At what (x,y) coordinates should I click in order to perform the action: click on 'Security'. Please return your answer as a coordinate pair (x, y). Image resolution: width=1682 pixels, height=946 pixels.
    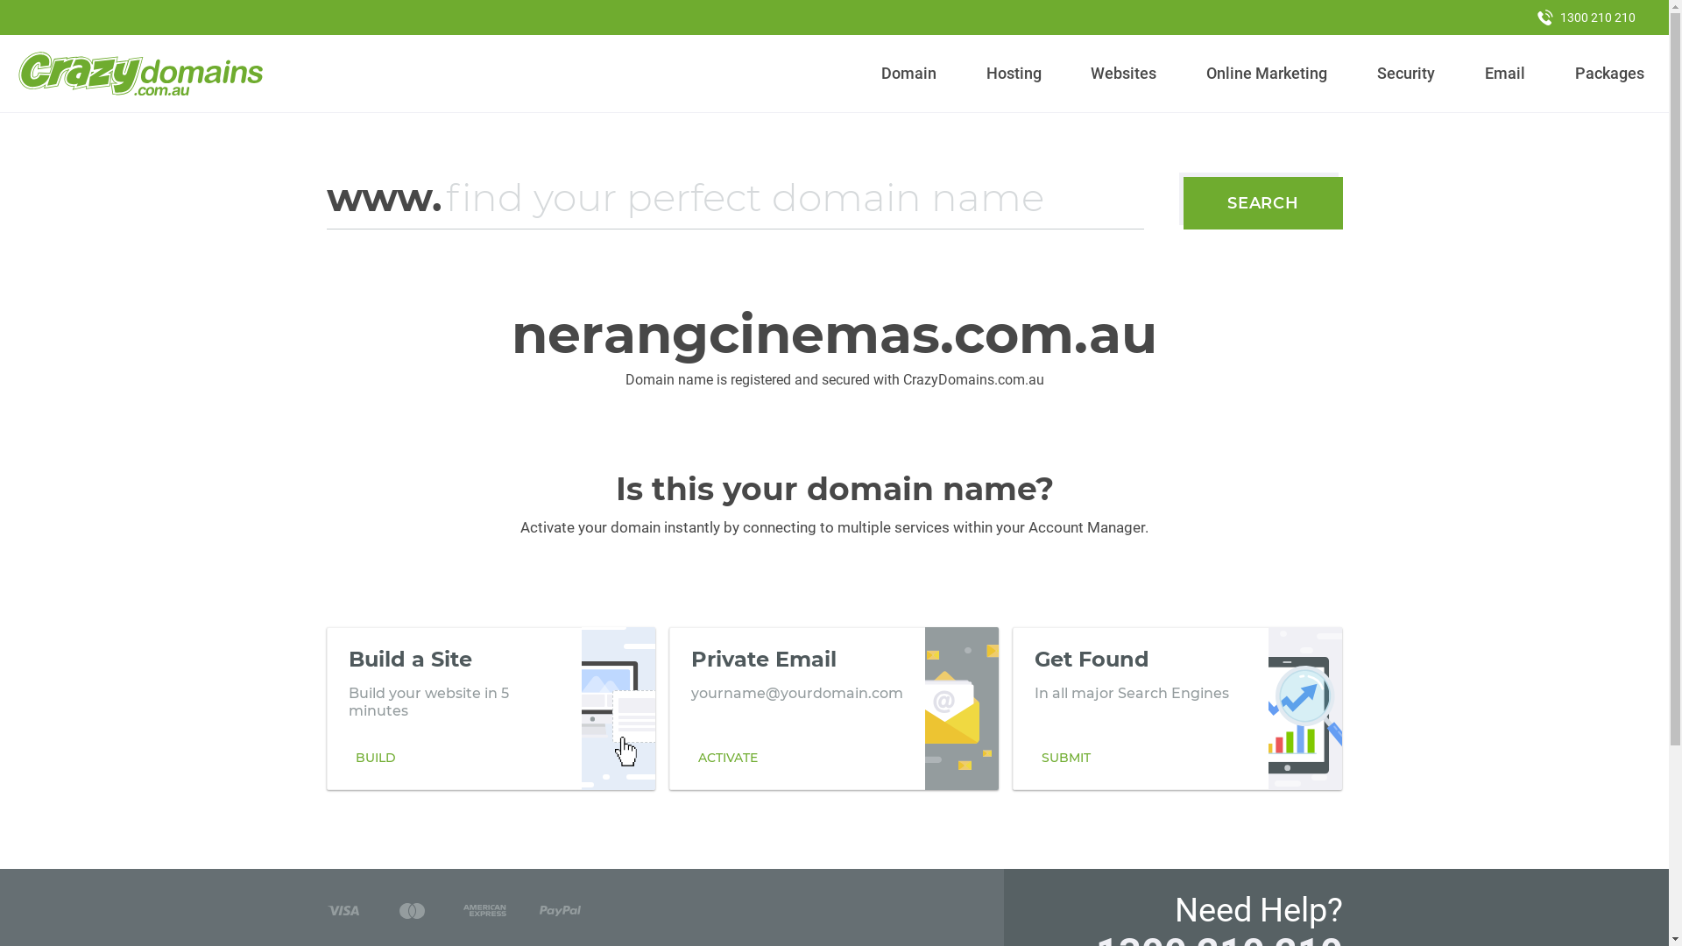
    Looking at the image, I should click on (1369, 73).